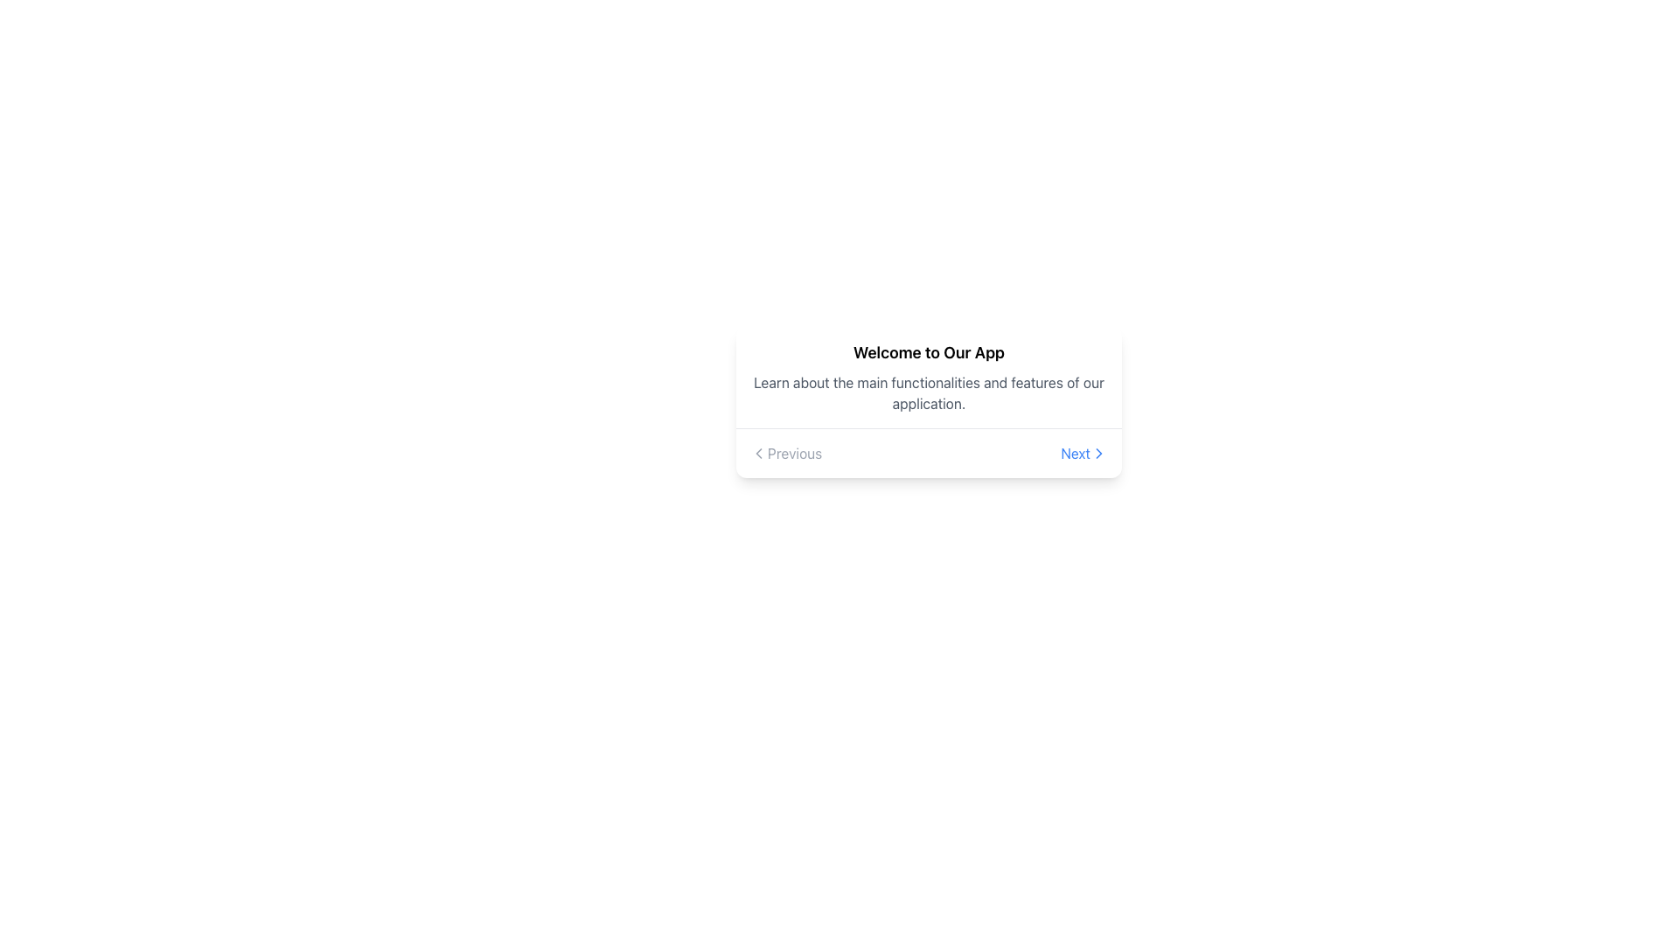 Image resolution: width=1679 pixels, height=944 pixels. What do you see at coordinates (759, 453) in the screenshot?
I see `the backward navigation icon located to the left of the 'Previous' text in the navigation control at the bottom-left of the card` at bounding box center [759, 453].